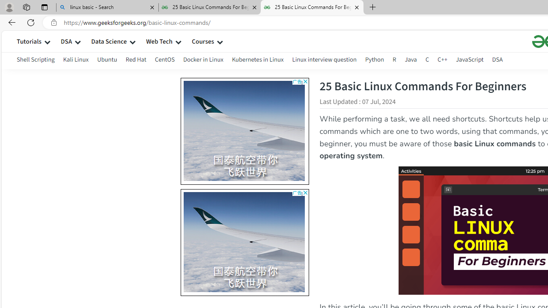 Image resolution: width=548 pixels, height=308 pixels. Describe the element at coordinates (443, 60) in the screenshot. I see `'C++'` at that location.